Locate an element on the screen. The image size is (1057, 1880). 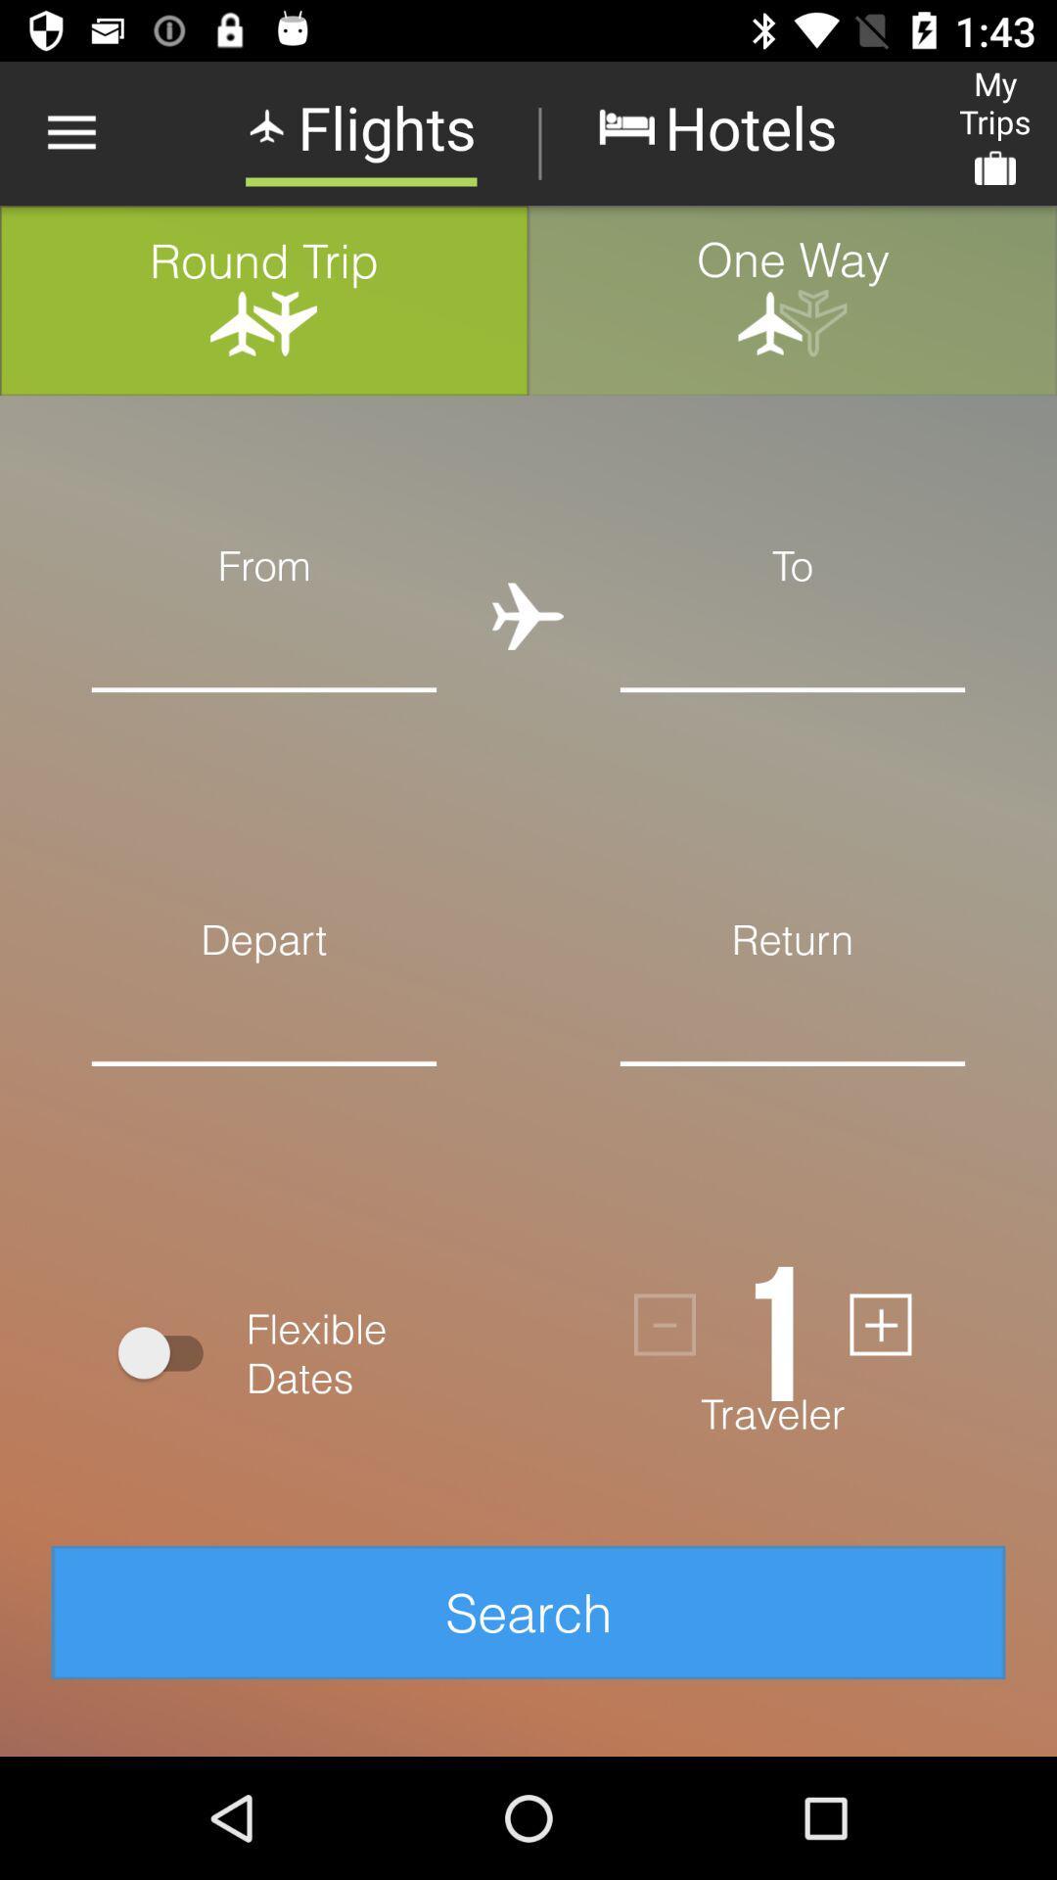
icon above traveler is located at coordinates (664, 1325).